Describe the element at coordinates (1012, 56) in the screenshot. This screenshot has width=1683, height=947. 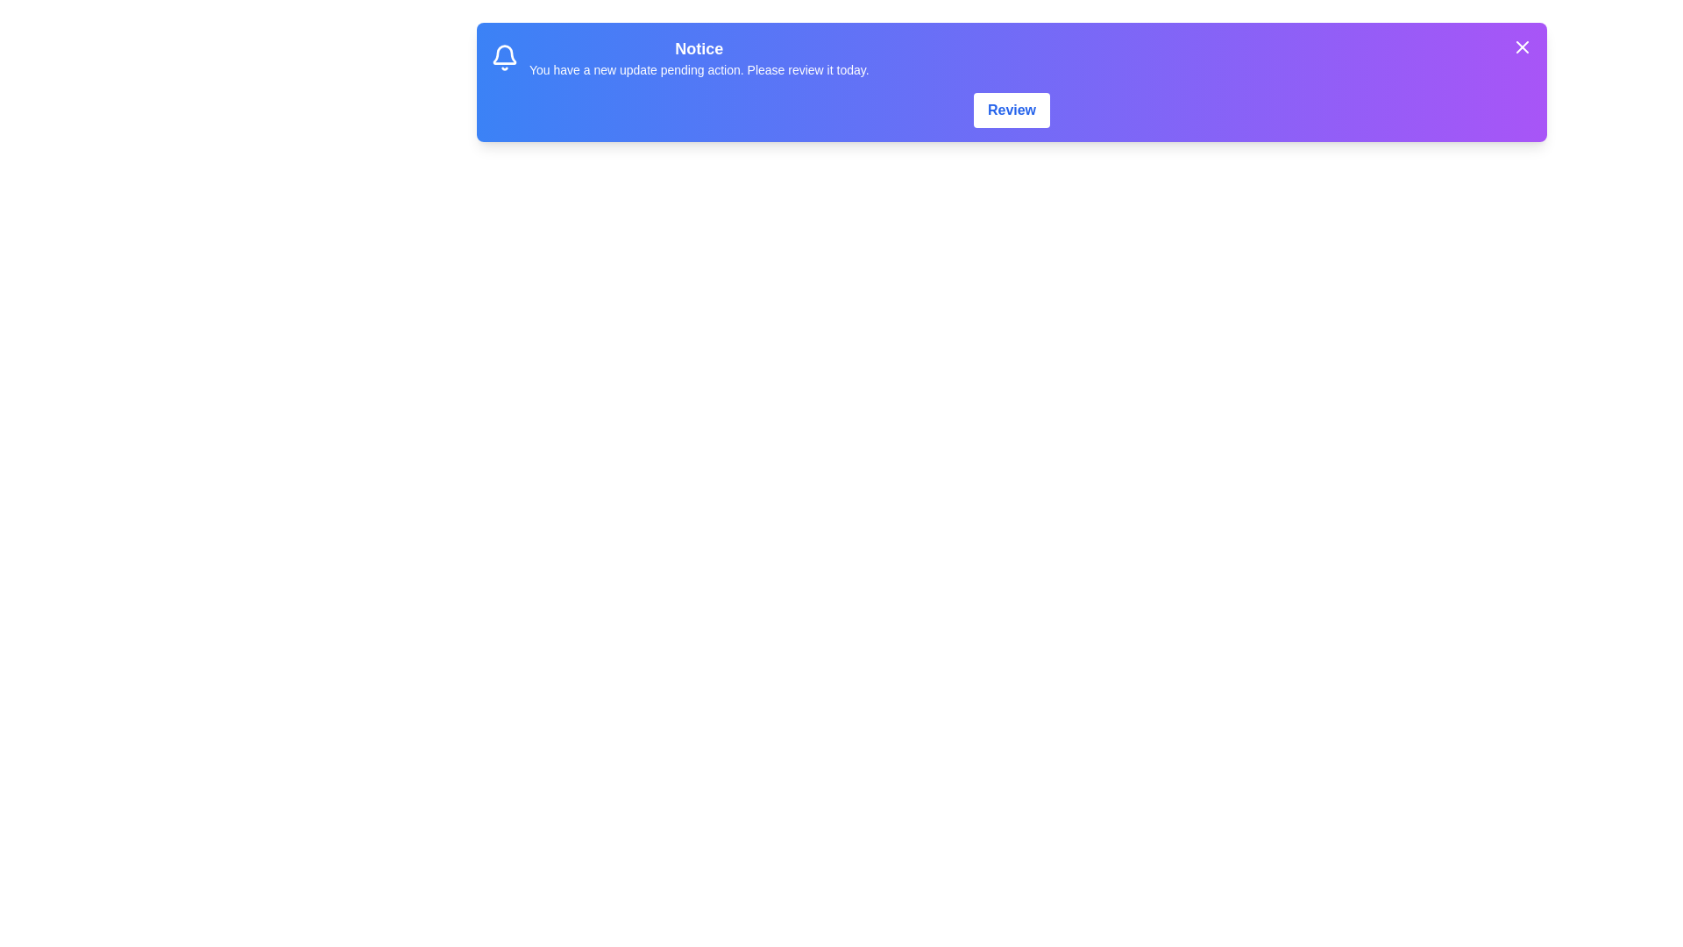
I see `the notification with the bold 'Notice' label that has a blue-to-purple gradient background and white text` at that location.